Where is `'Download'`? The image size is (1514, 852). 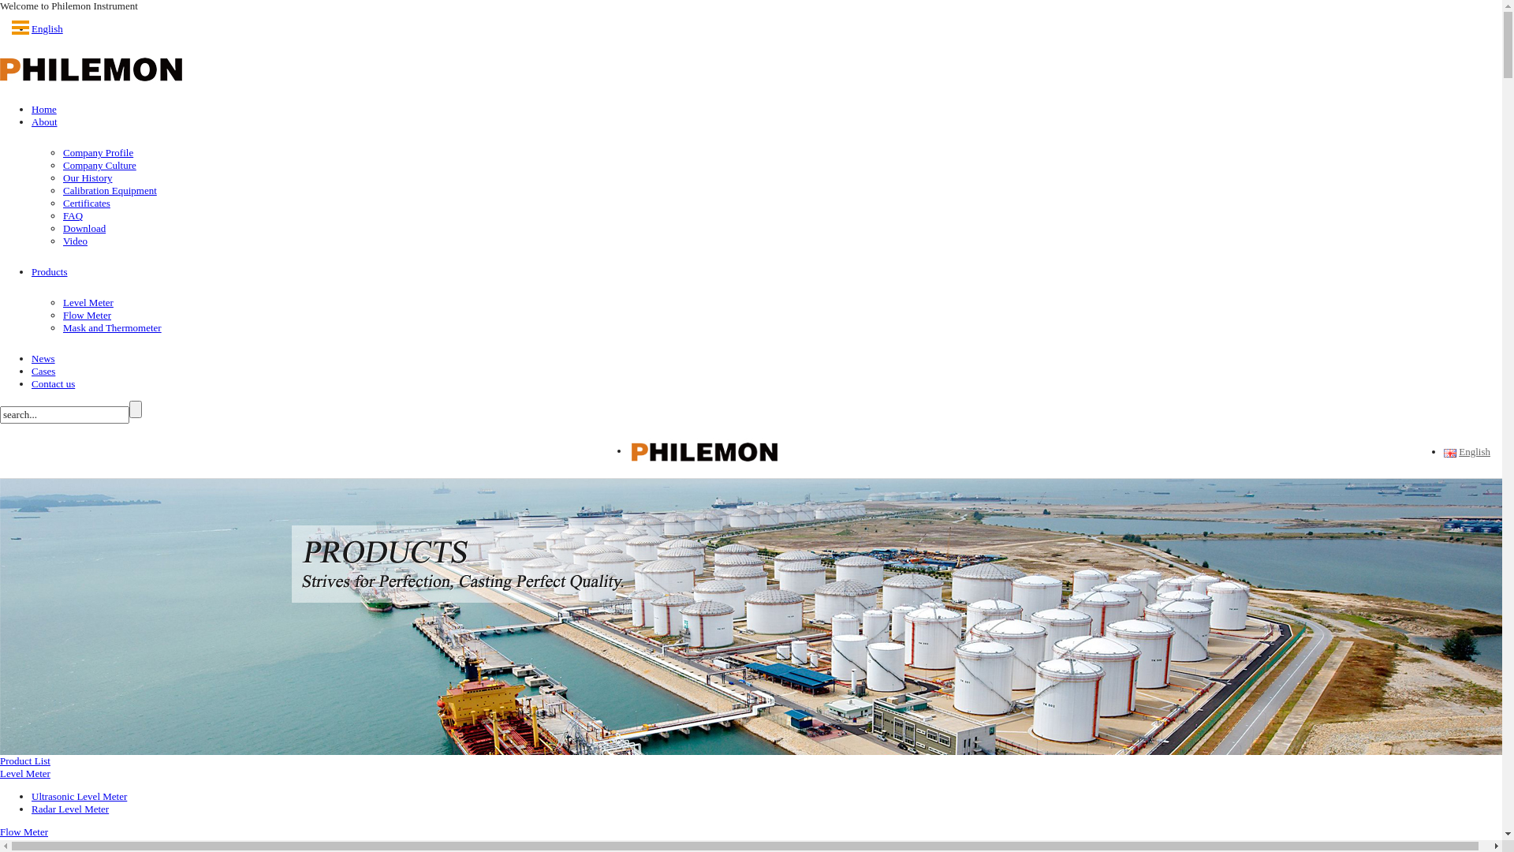
'Download' is located at coordinates (63, 228).